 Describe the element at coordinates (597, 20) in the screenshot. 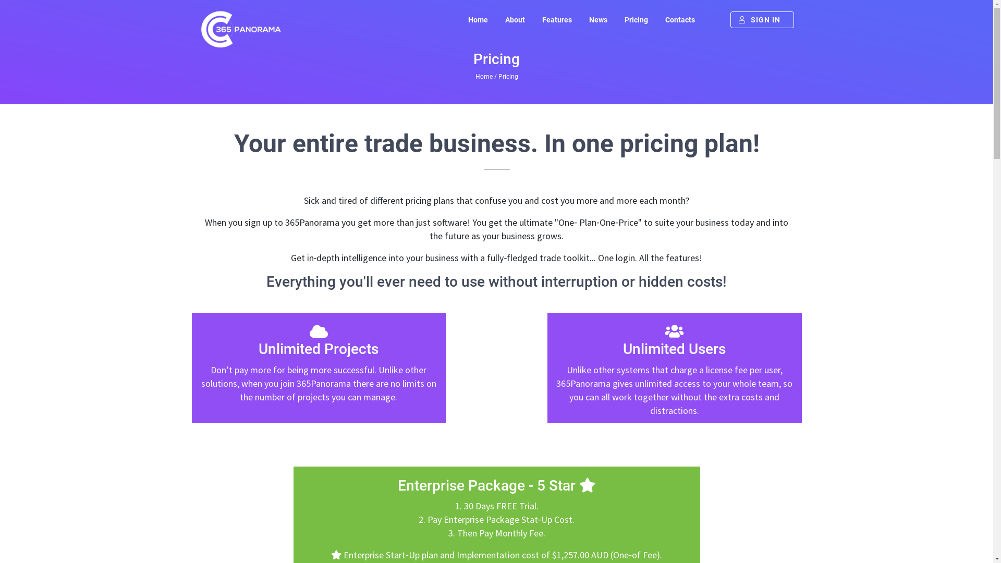

I see `'News'` at that location.